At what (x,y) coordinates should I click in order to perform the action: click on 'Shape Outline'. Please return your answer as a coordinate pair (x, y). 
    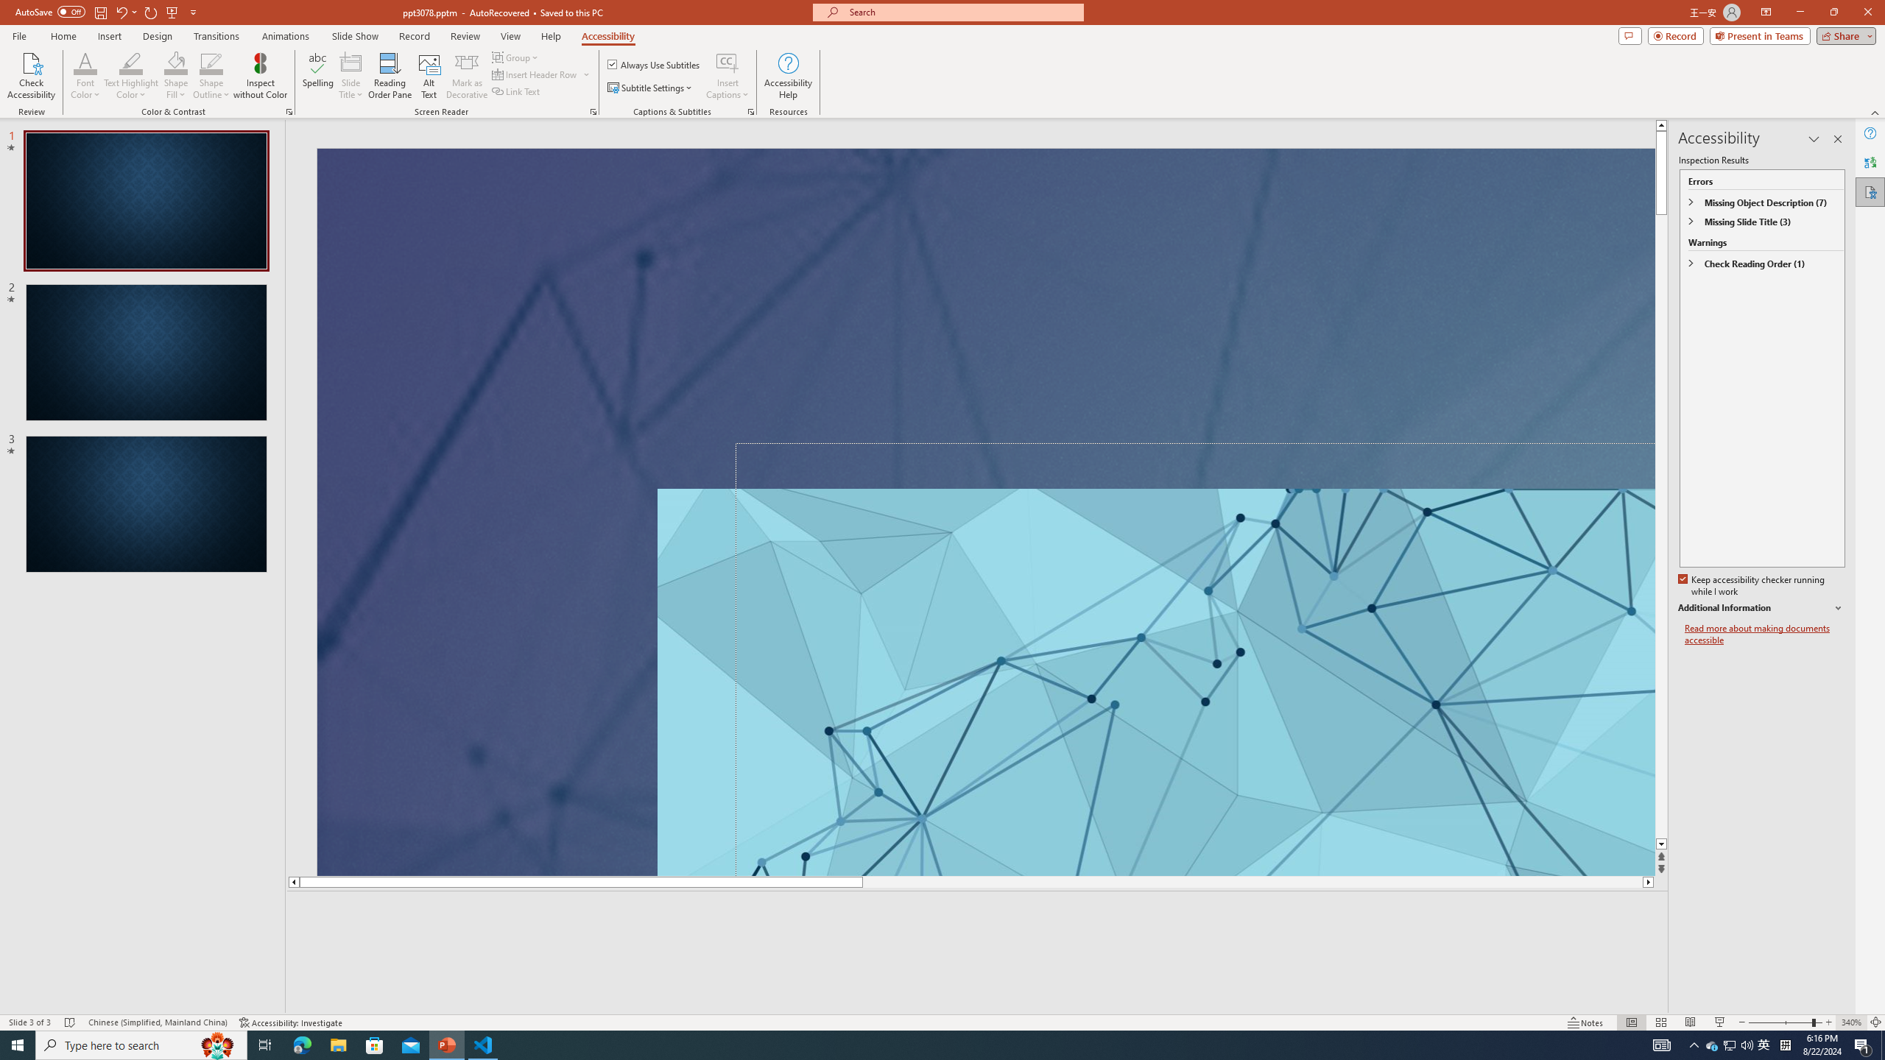
    Looking at the image, I should click on (212, 76).